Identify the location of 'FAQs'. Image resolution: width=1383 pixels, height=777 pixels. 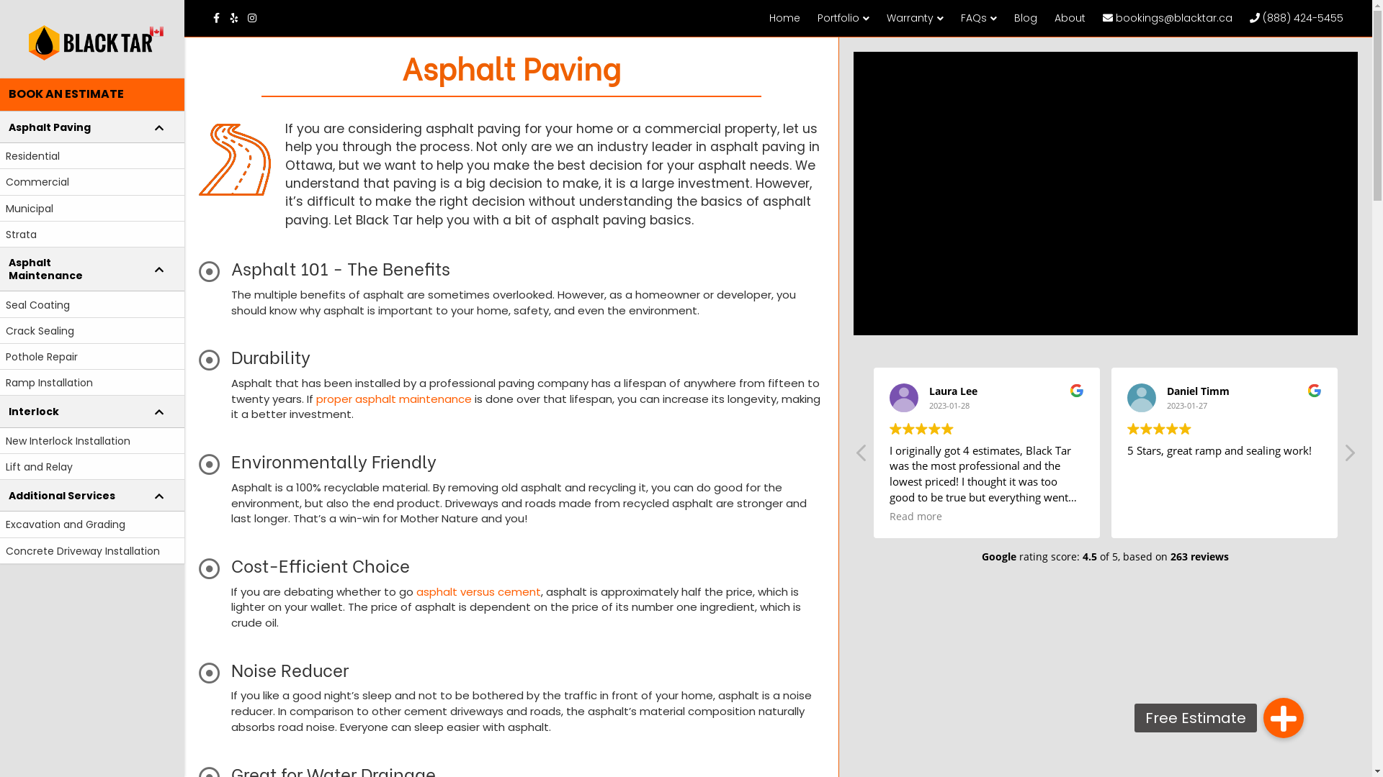
(978, 18).